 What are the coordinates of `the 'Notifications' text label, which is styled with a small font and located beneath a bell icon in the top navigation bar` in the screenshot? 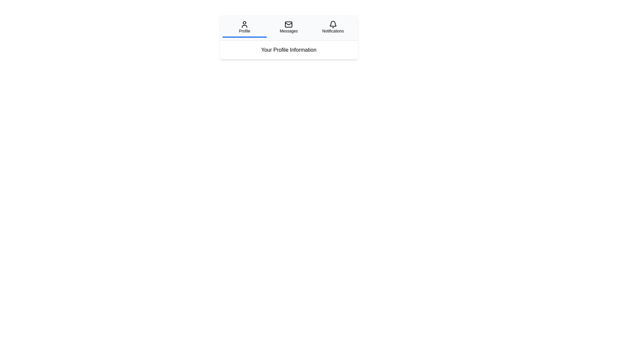 It's located at (333, 31).